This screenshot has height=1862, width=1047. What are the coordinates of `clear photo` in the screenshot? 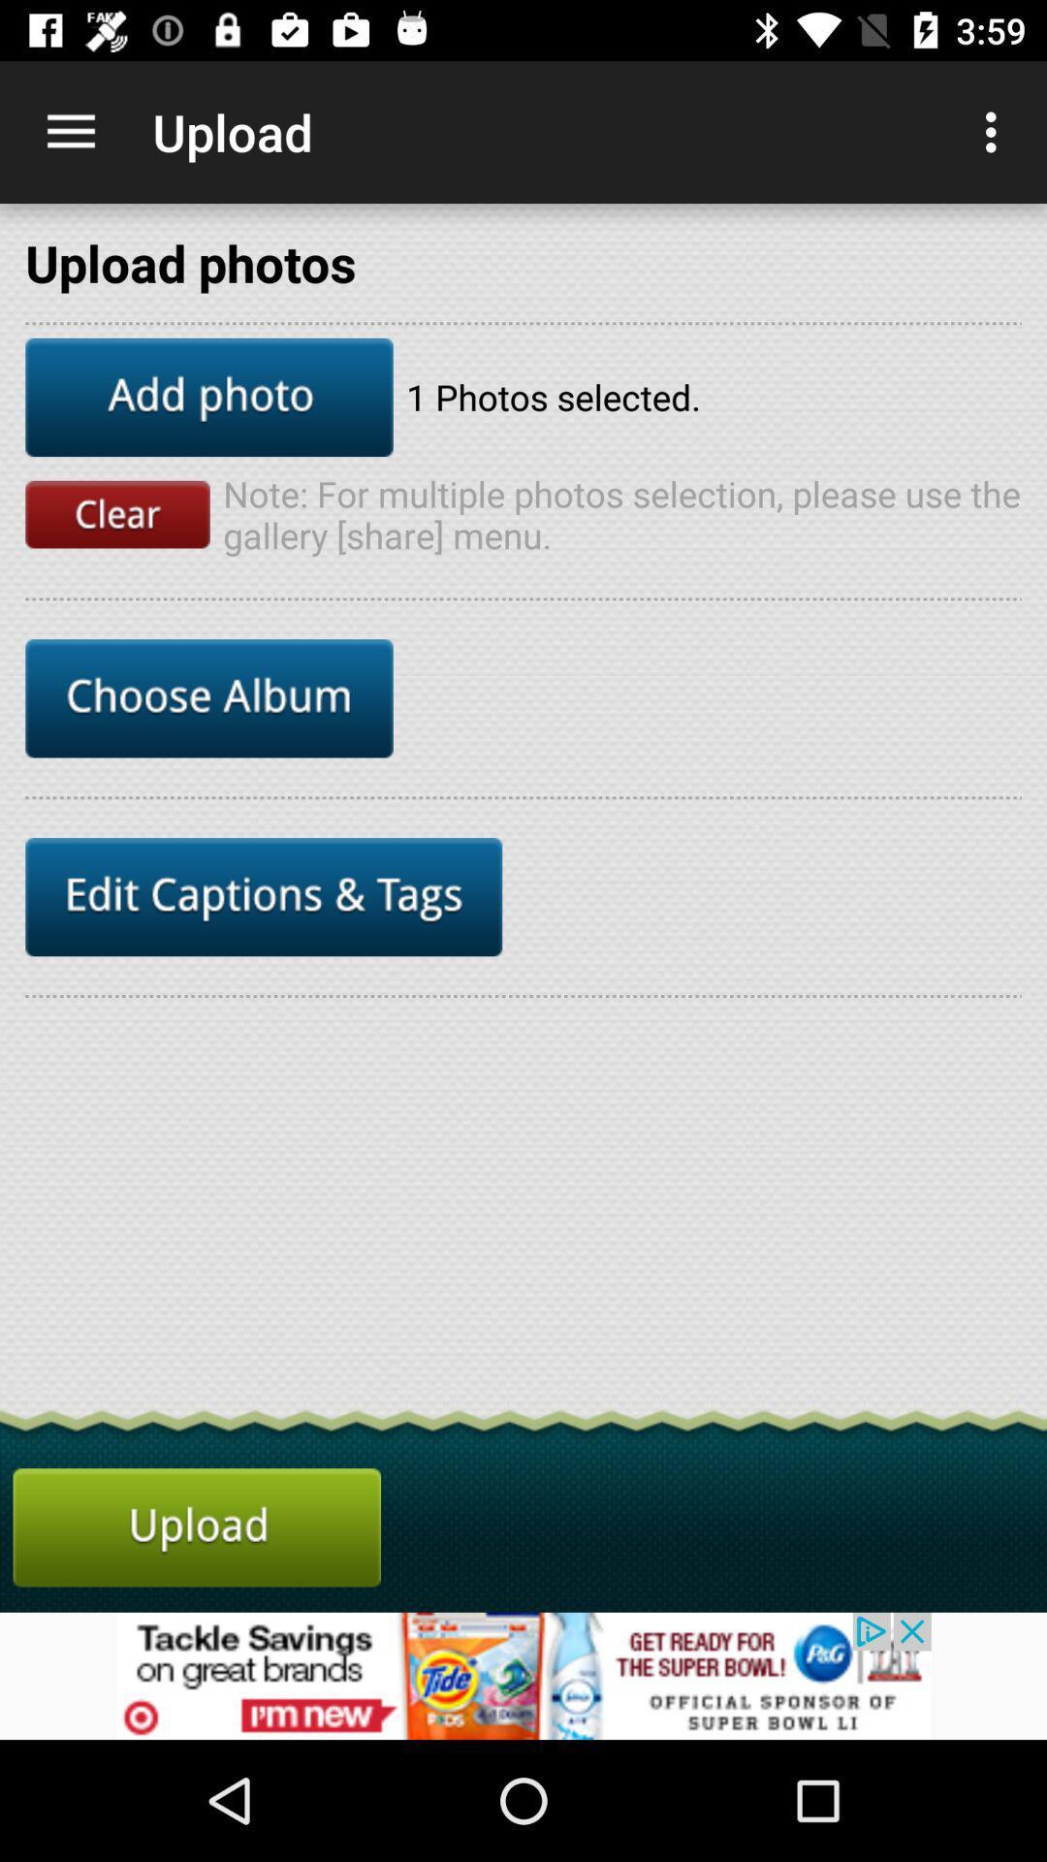 It's located at (117, 514).